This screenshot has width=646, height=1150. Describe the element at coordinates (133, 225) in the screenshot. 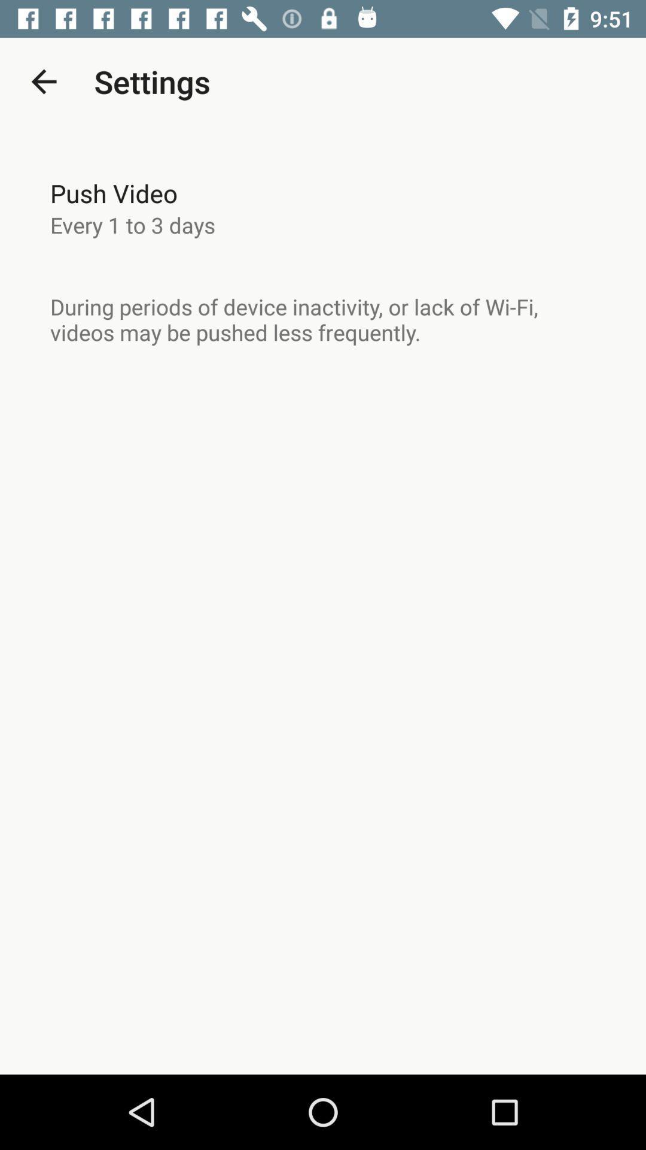

I see `every 1 to item` at that location.